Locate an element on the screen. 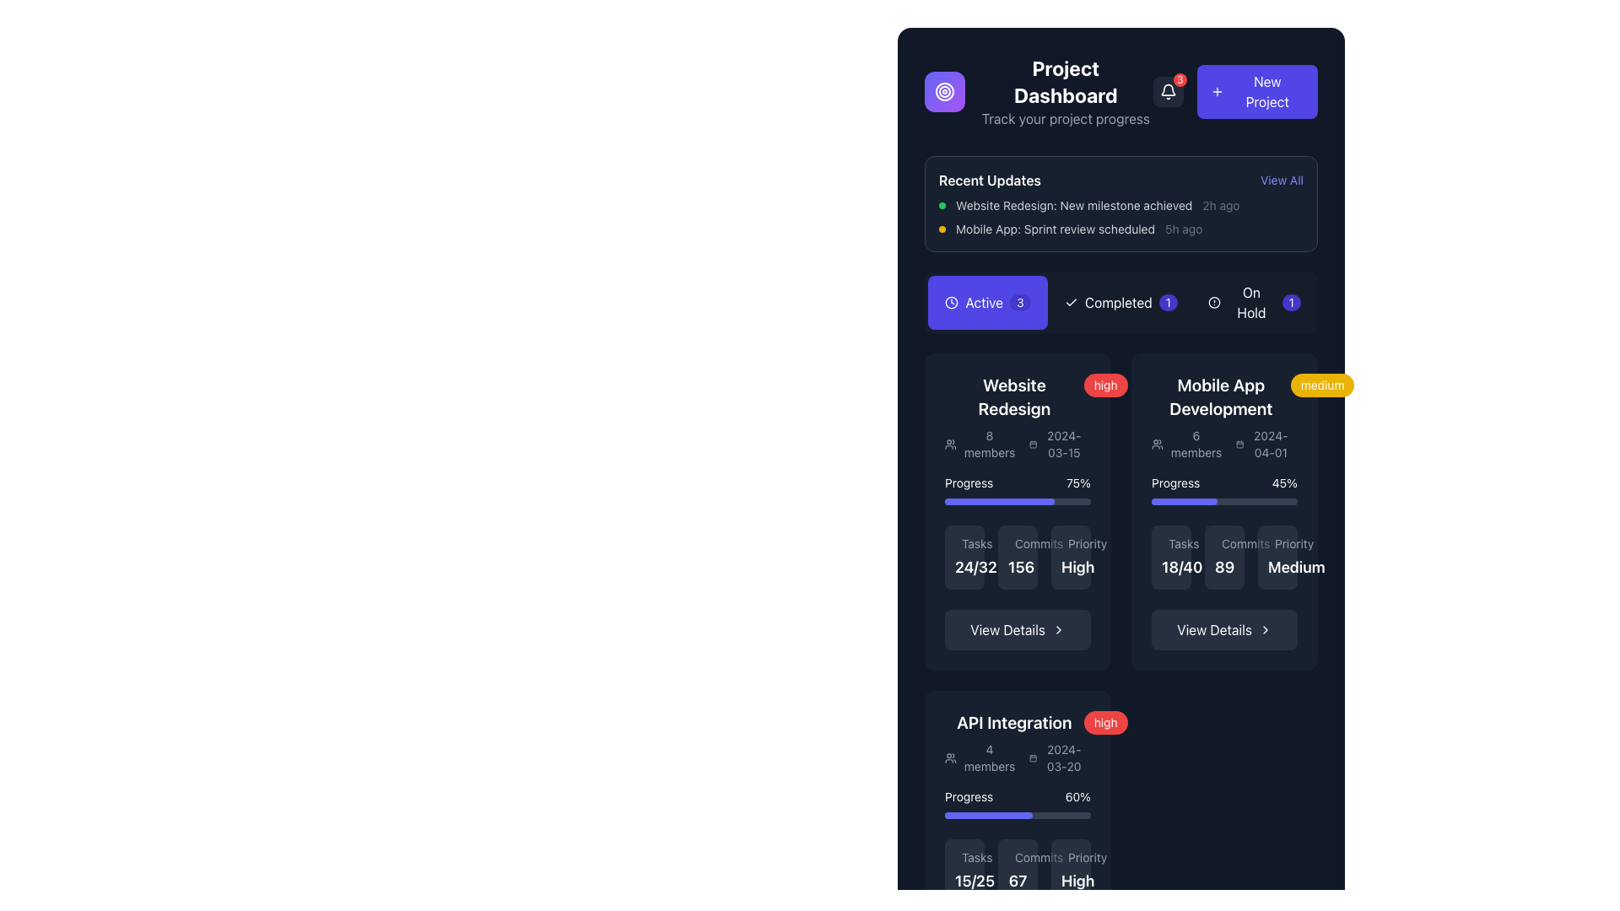 The image size is (1620, 911). the date label displaying '2024-03-15' in the top-right corner of the 'Website Redesign' card, which is aligned with a small calendar icon to its left is located at coordinates (1056, 444).